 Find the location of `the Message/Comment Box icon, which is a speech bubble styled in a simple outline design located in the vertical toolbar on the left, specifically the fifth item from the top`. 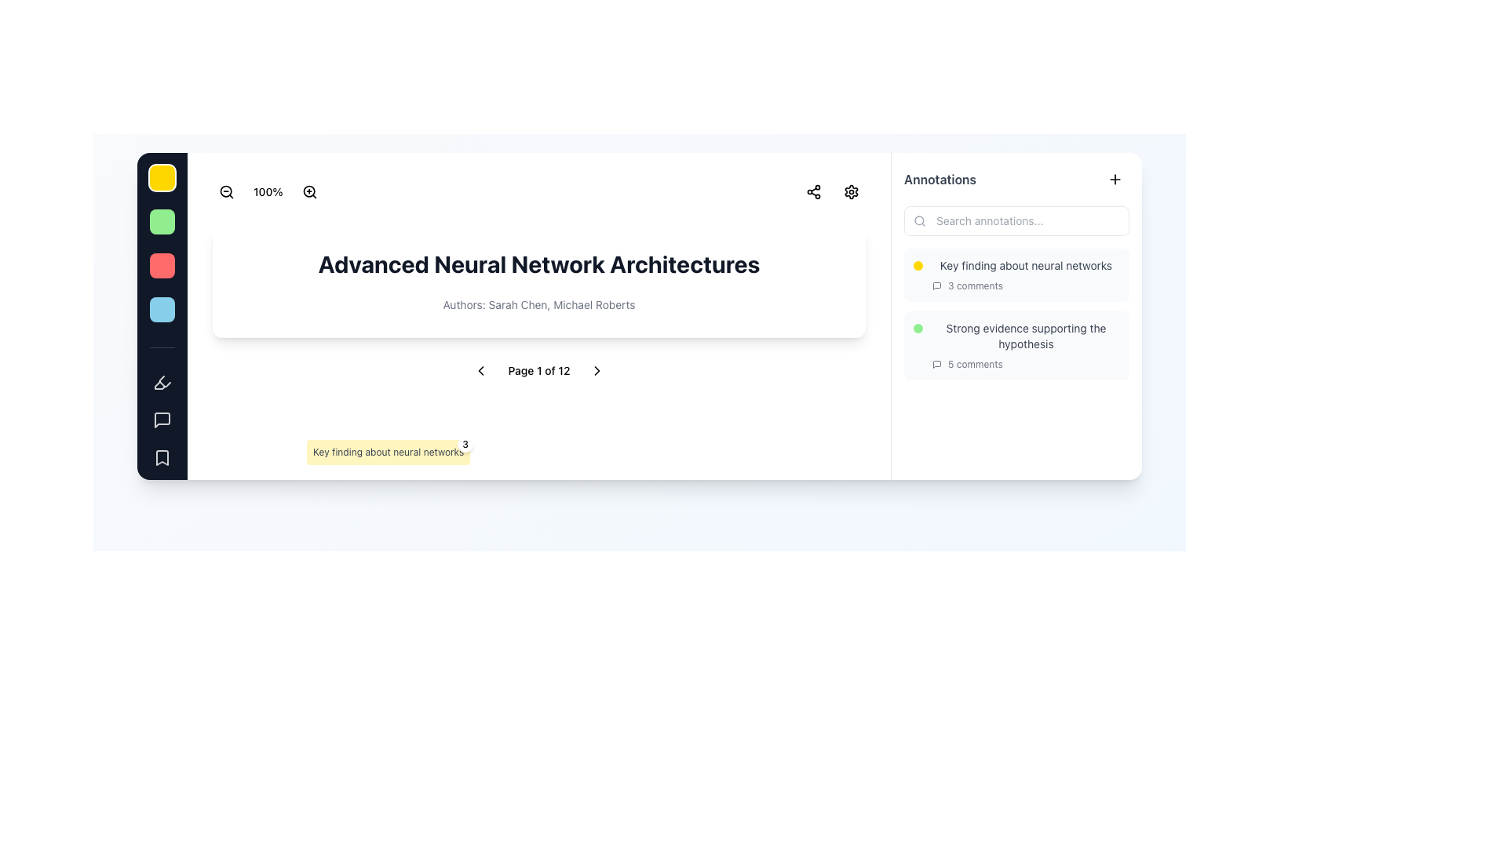

the Message/Comment Box icon, which is a speech bubble styled in a simple outline design located in the vertical toolbar on the left, specifically the fifth item from the top is located at coordinates (162, 420).